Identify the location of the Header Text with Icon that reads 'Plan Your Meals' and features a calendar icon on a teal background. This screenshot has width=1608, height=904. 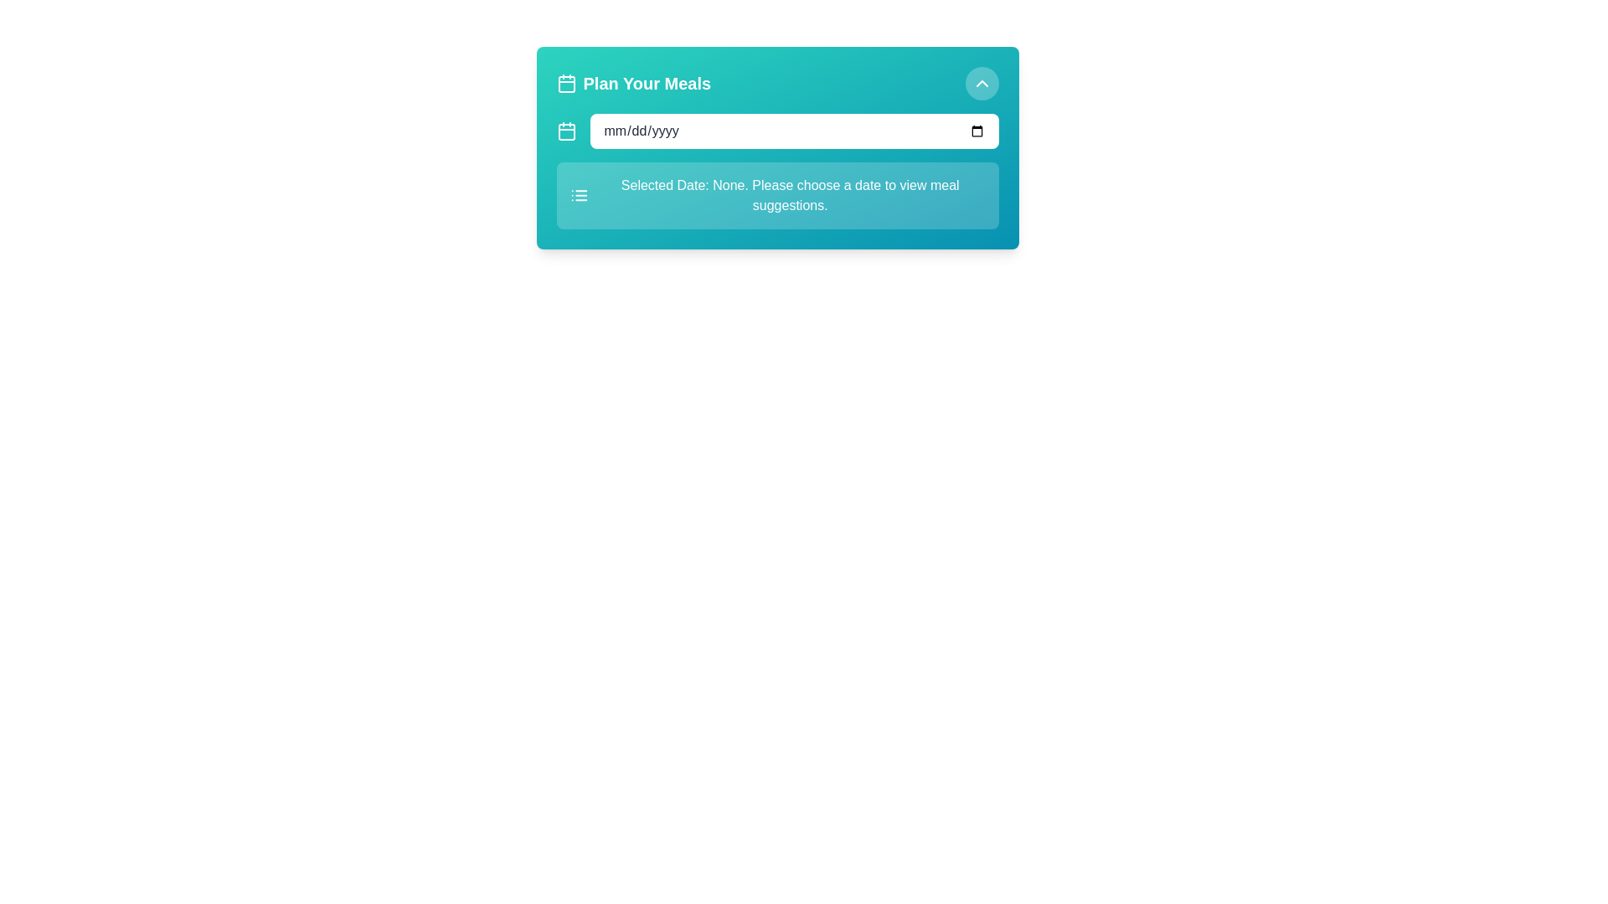
(632, 84).